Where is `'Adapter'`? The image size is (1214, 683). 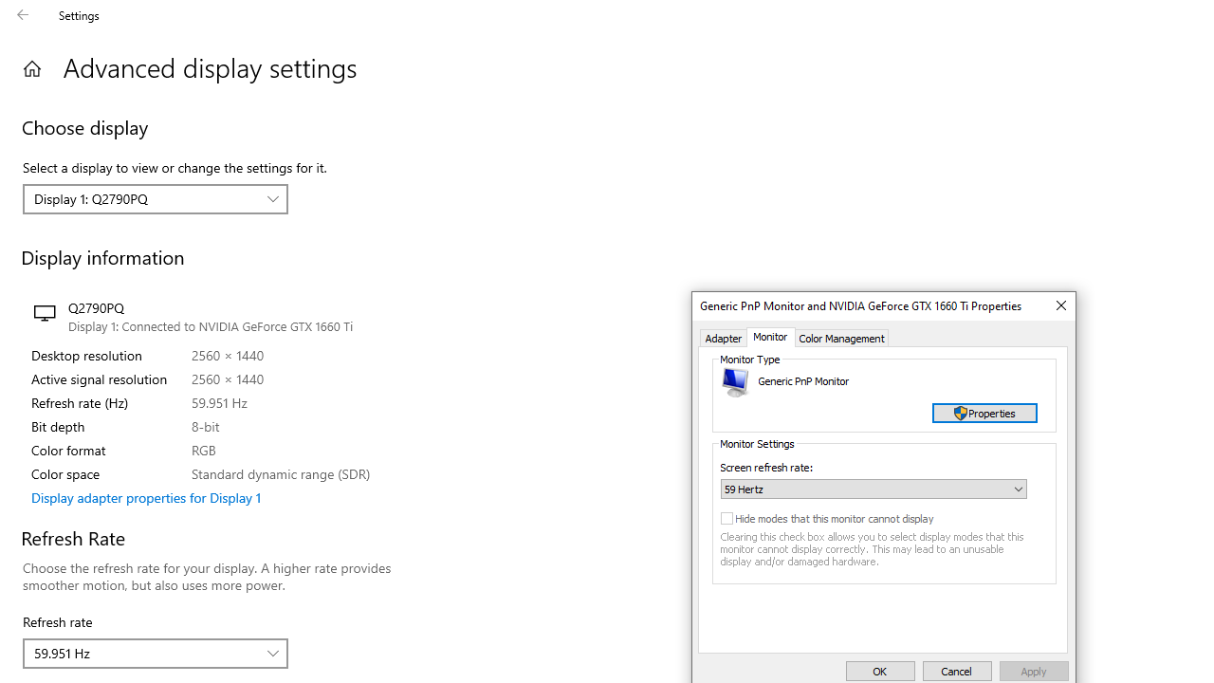 'Adapter' is located at coordinates (723, 337).